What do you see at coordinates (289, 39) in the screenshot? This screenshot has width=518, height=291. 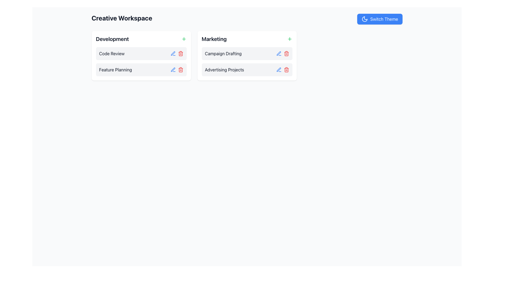 I see `the green plus sign button located at the top-right corner of the 'Marketing' section` at bounding box center [289, 39].